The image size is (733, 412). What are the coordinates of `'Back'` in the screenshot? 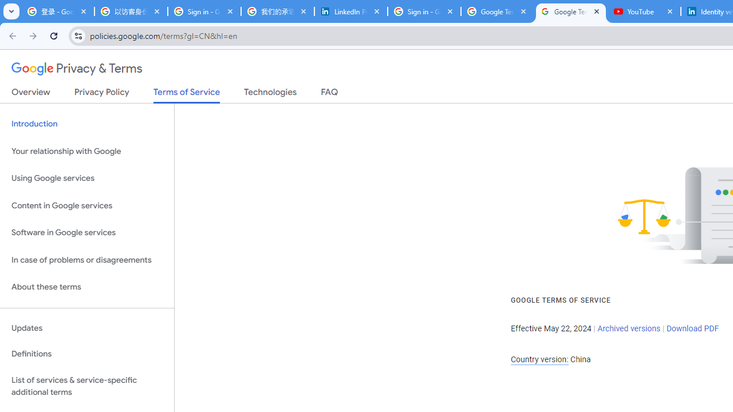 It's located at (11, 35).